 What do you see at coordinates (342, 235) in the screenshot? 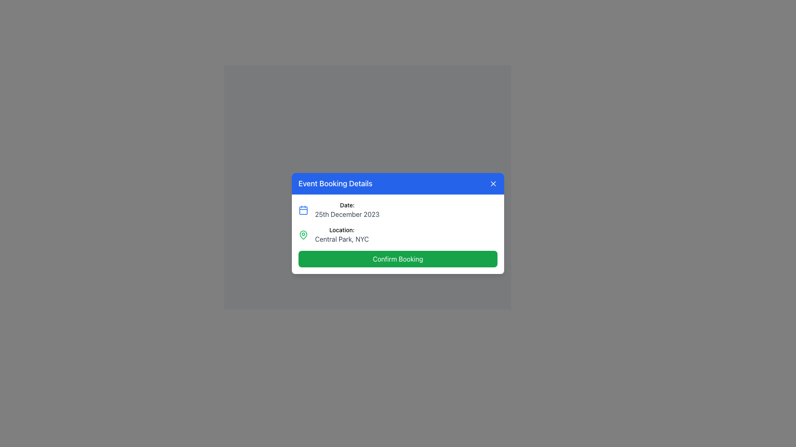
I see `text from the Text label displaying 'Location:' and 'Central Park, NYC', which is located in the middle-right section of the modal, just below the 'Date' label` at bounding box center [342, 235].